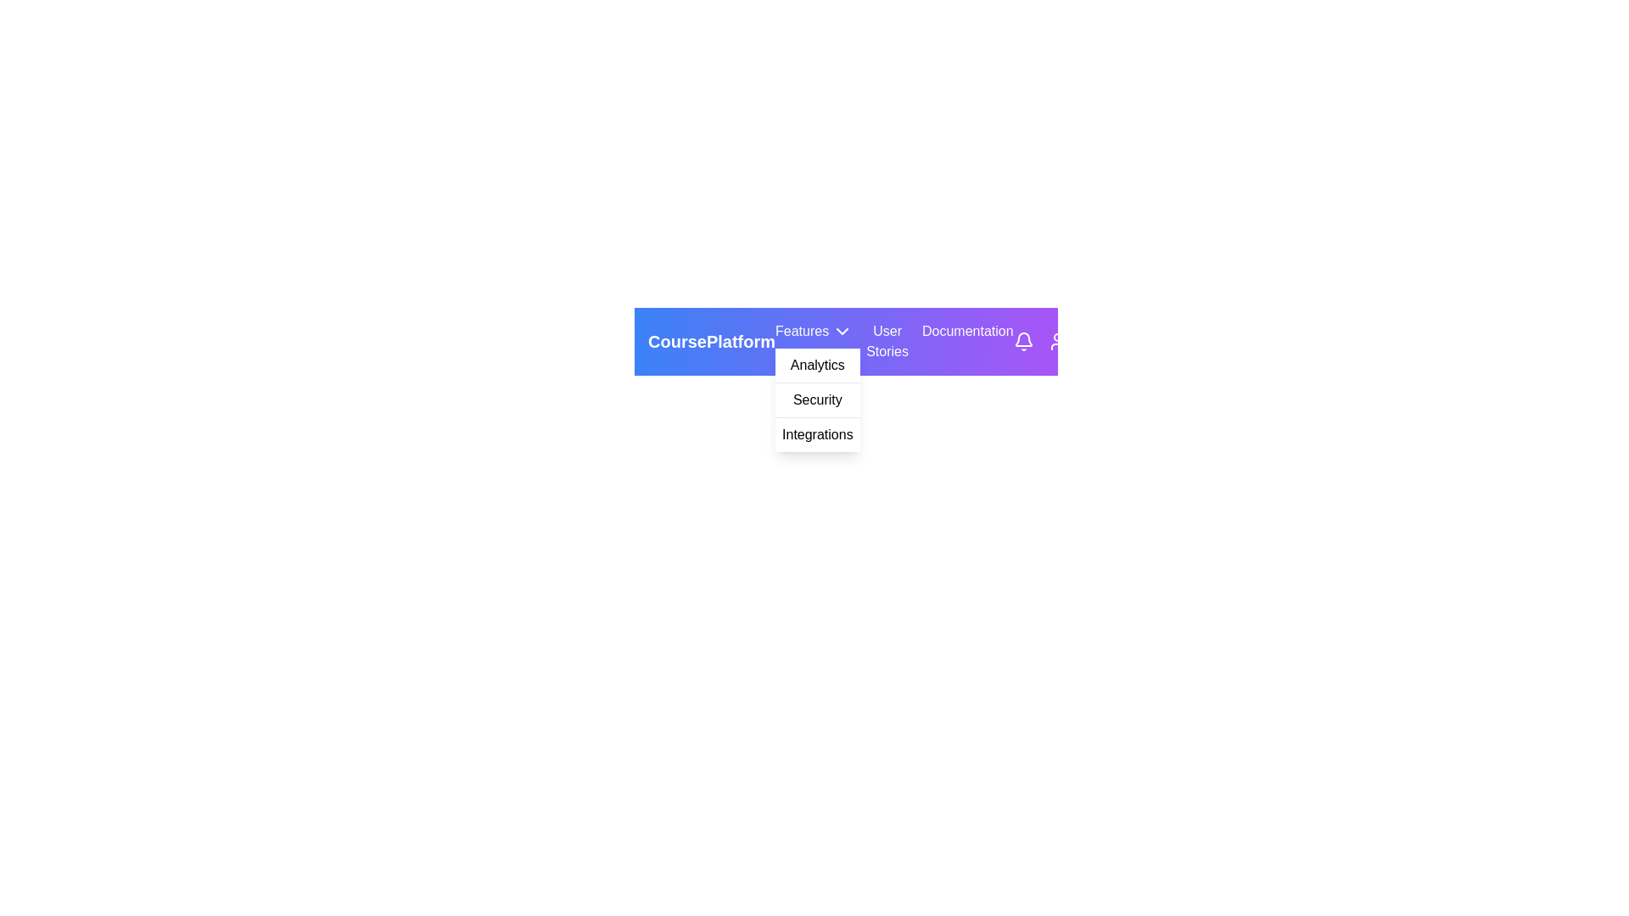  Describe the element at coordinates (817, 365) in the screenshot. I see `the first menu item in the dropdown under the 'Features' category` at that location.